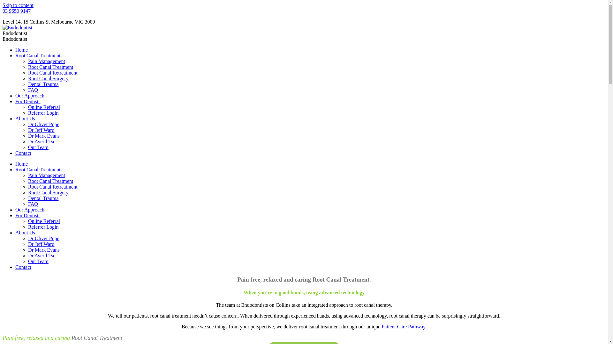 This screenshot has width=613, height=344. I want to click on 'Root Canal Treatments', so click(38, 169).